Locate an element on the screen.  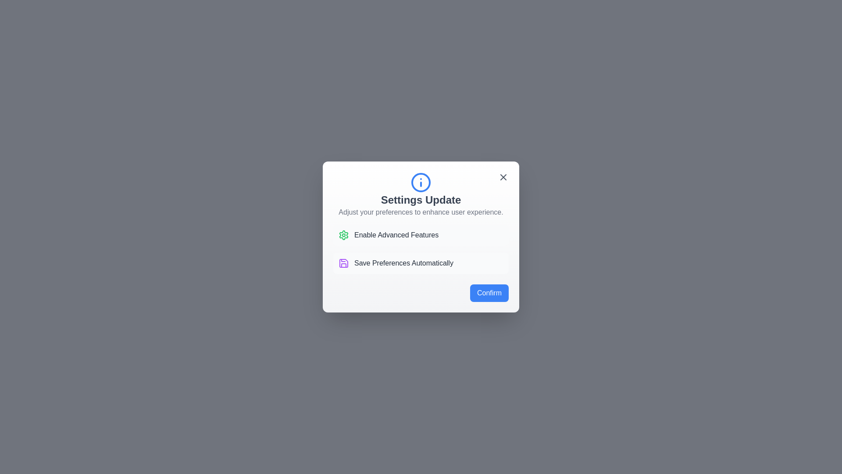
the listed option Save Preferences Automatically to interact with it is located at coordinates (421, 263).